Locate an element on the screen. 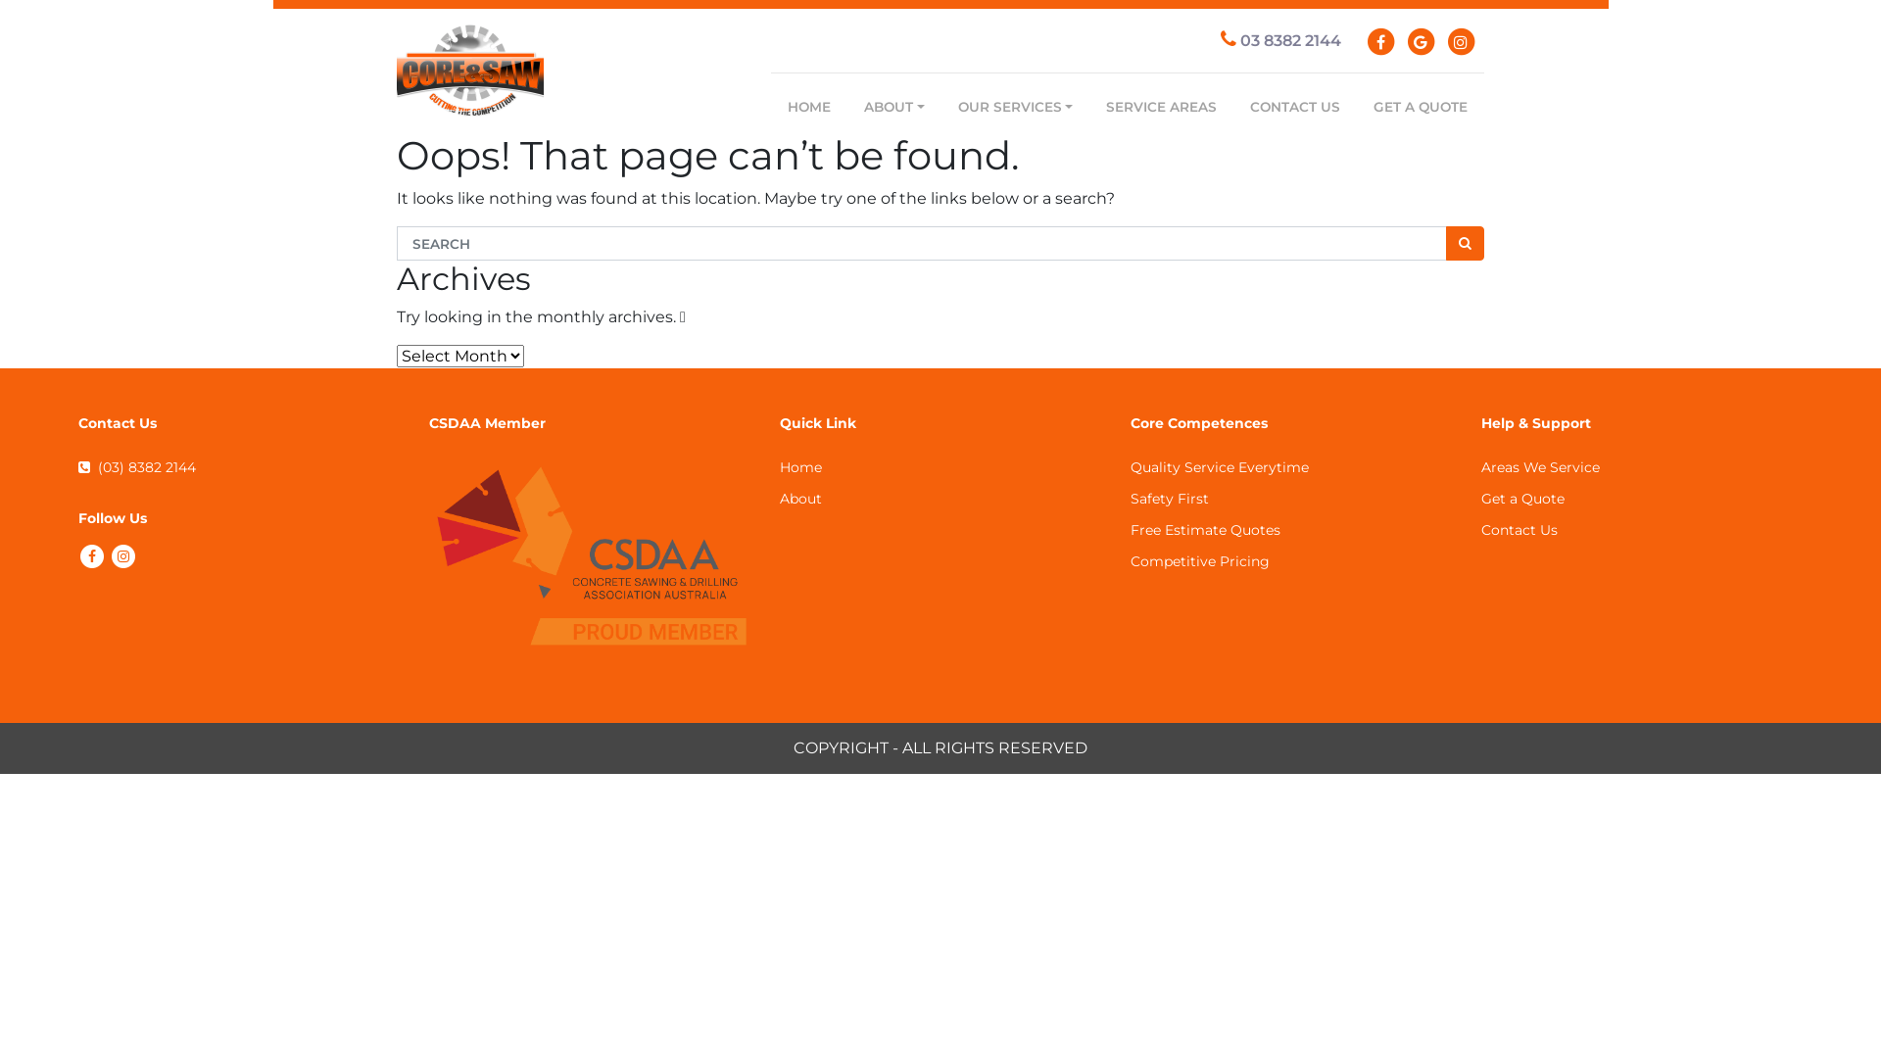  '03 8382 2144' is located at coordinates (1280, 40).